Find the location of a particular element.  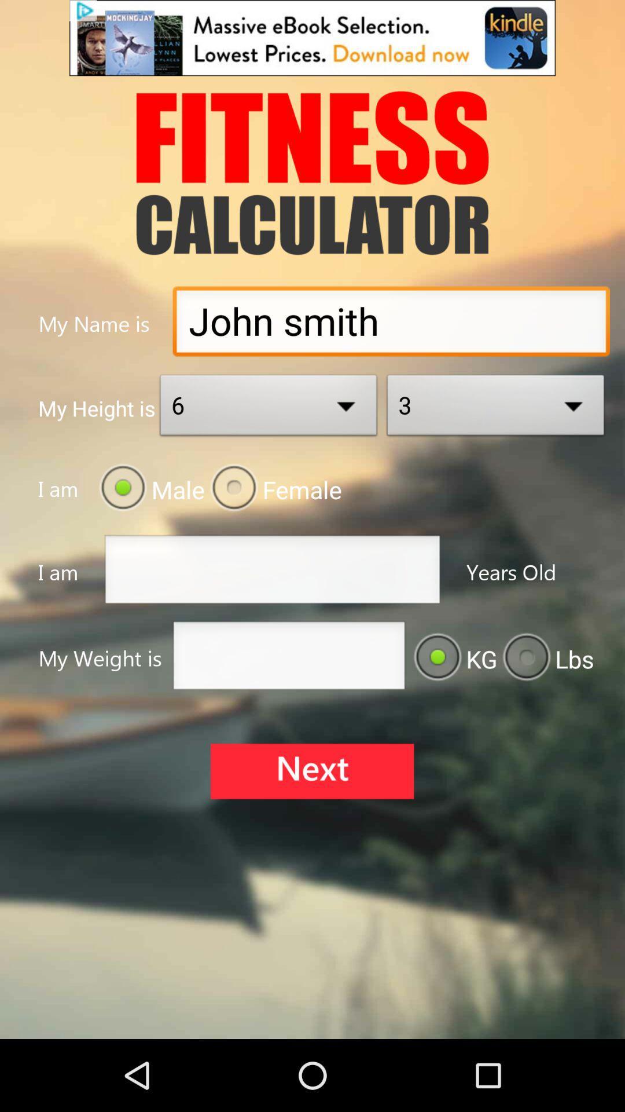

your age is located at coordinates (272, 573).